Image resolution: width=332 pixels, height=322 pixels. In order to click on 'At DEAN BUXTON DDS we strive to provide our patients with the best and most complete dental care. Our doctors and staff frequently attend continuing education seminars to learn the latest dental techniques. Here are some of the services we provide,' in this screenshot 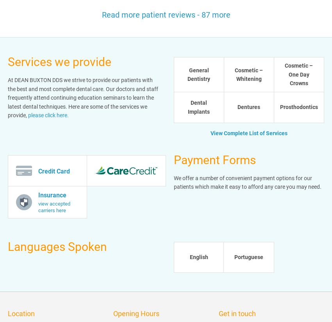, I will do `click(82, 98)`.